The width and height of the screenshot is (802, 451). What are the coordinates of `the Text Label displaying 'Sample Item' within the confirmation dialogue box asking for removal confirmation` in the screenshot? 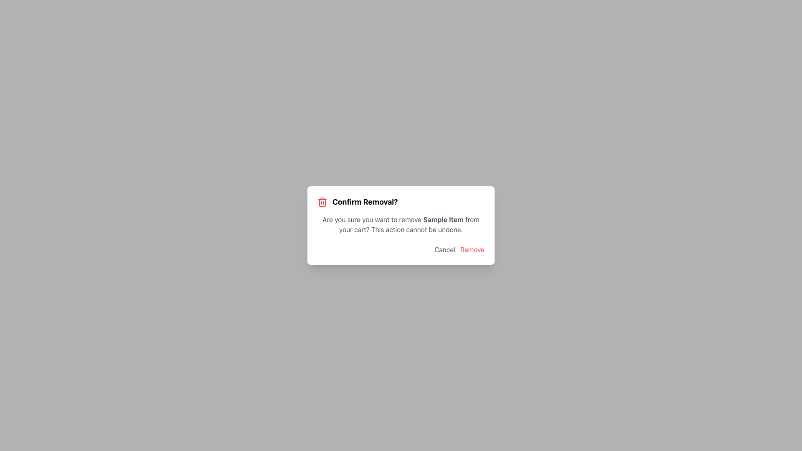 It's located at (443, 219).